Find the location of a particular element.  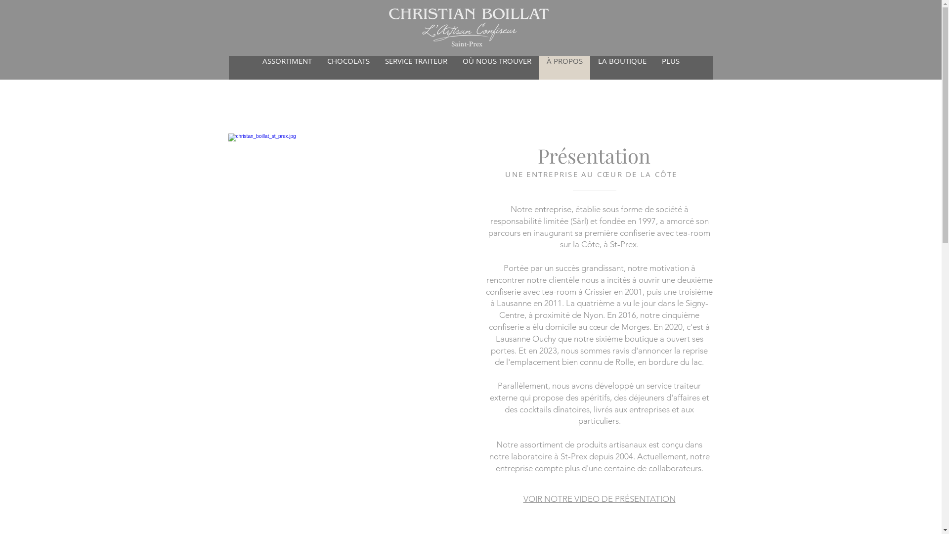

'CHOCOLATS' is located at coordinates (319, 67).